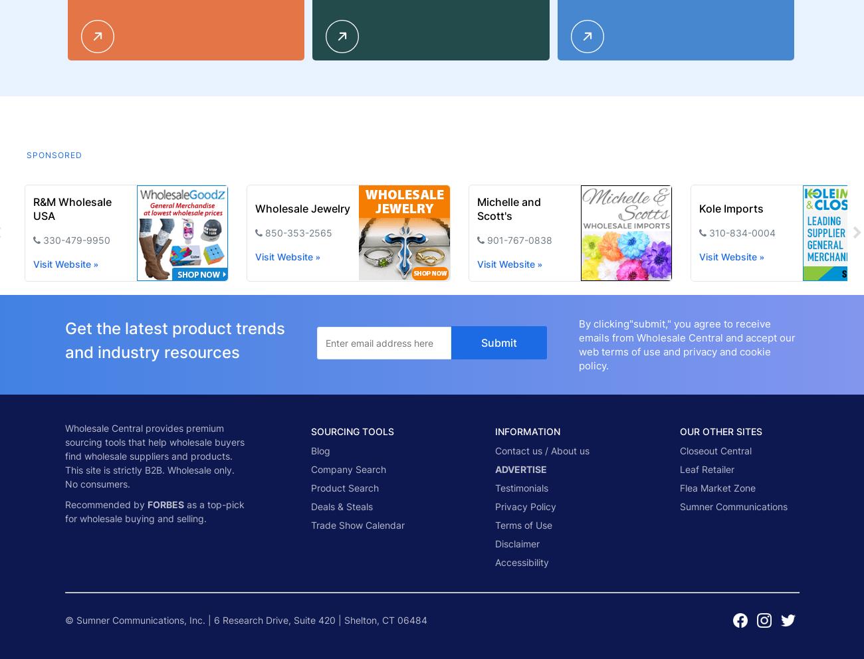  What do you see at coordinates (298, 232) in the screenshot?
I see `'850-353-2565'` at bounding box center [298, 232].